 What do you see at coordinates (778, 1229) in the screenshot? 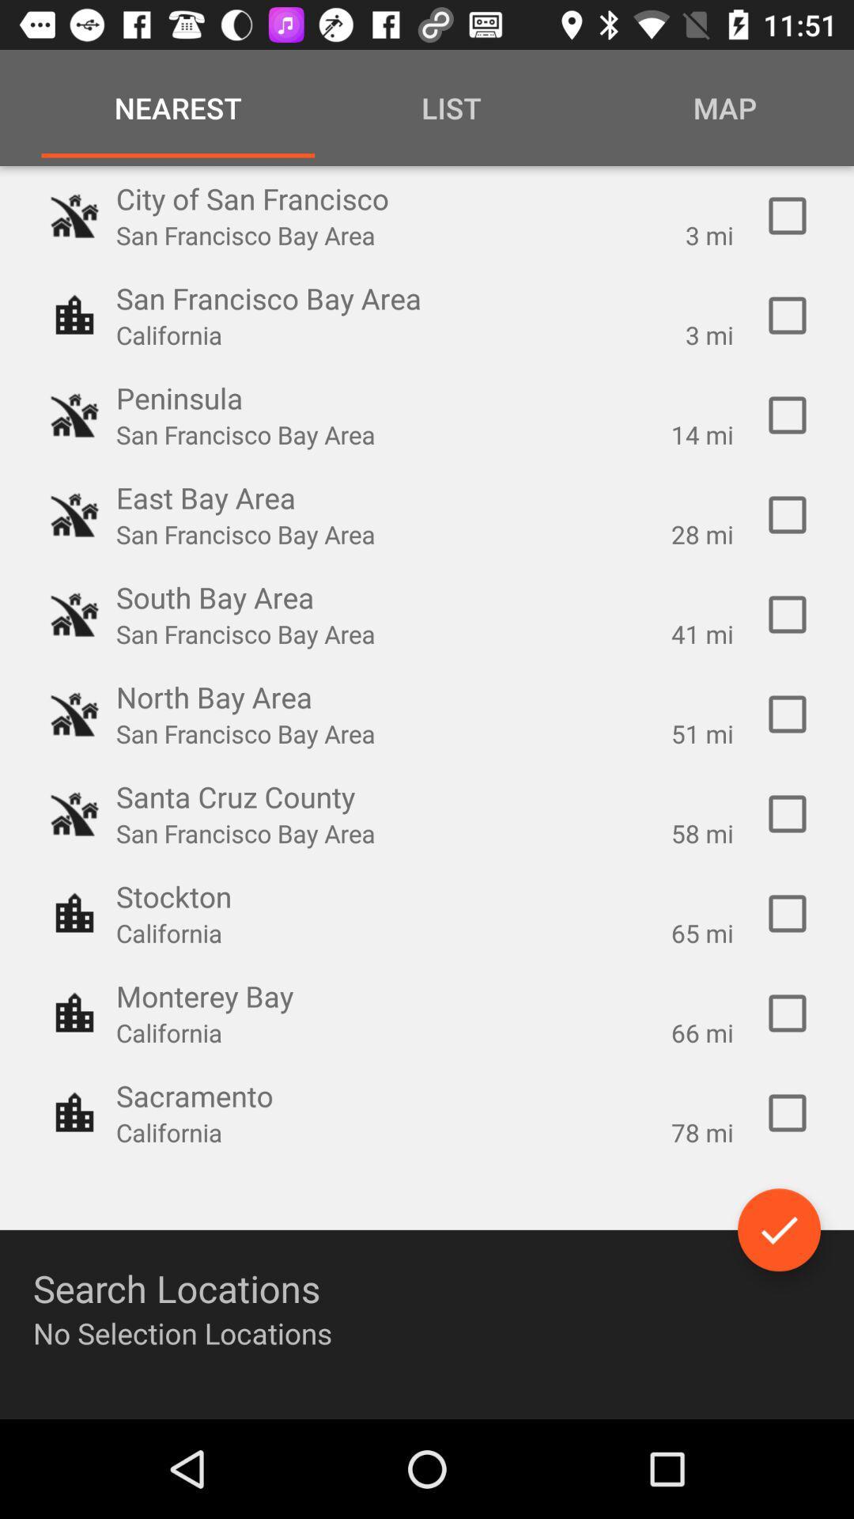
I see `the check icon` at bounding box center [778, 1229].